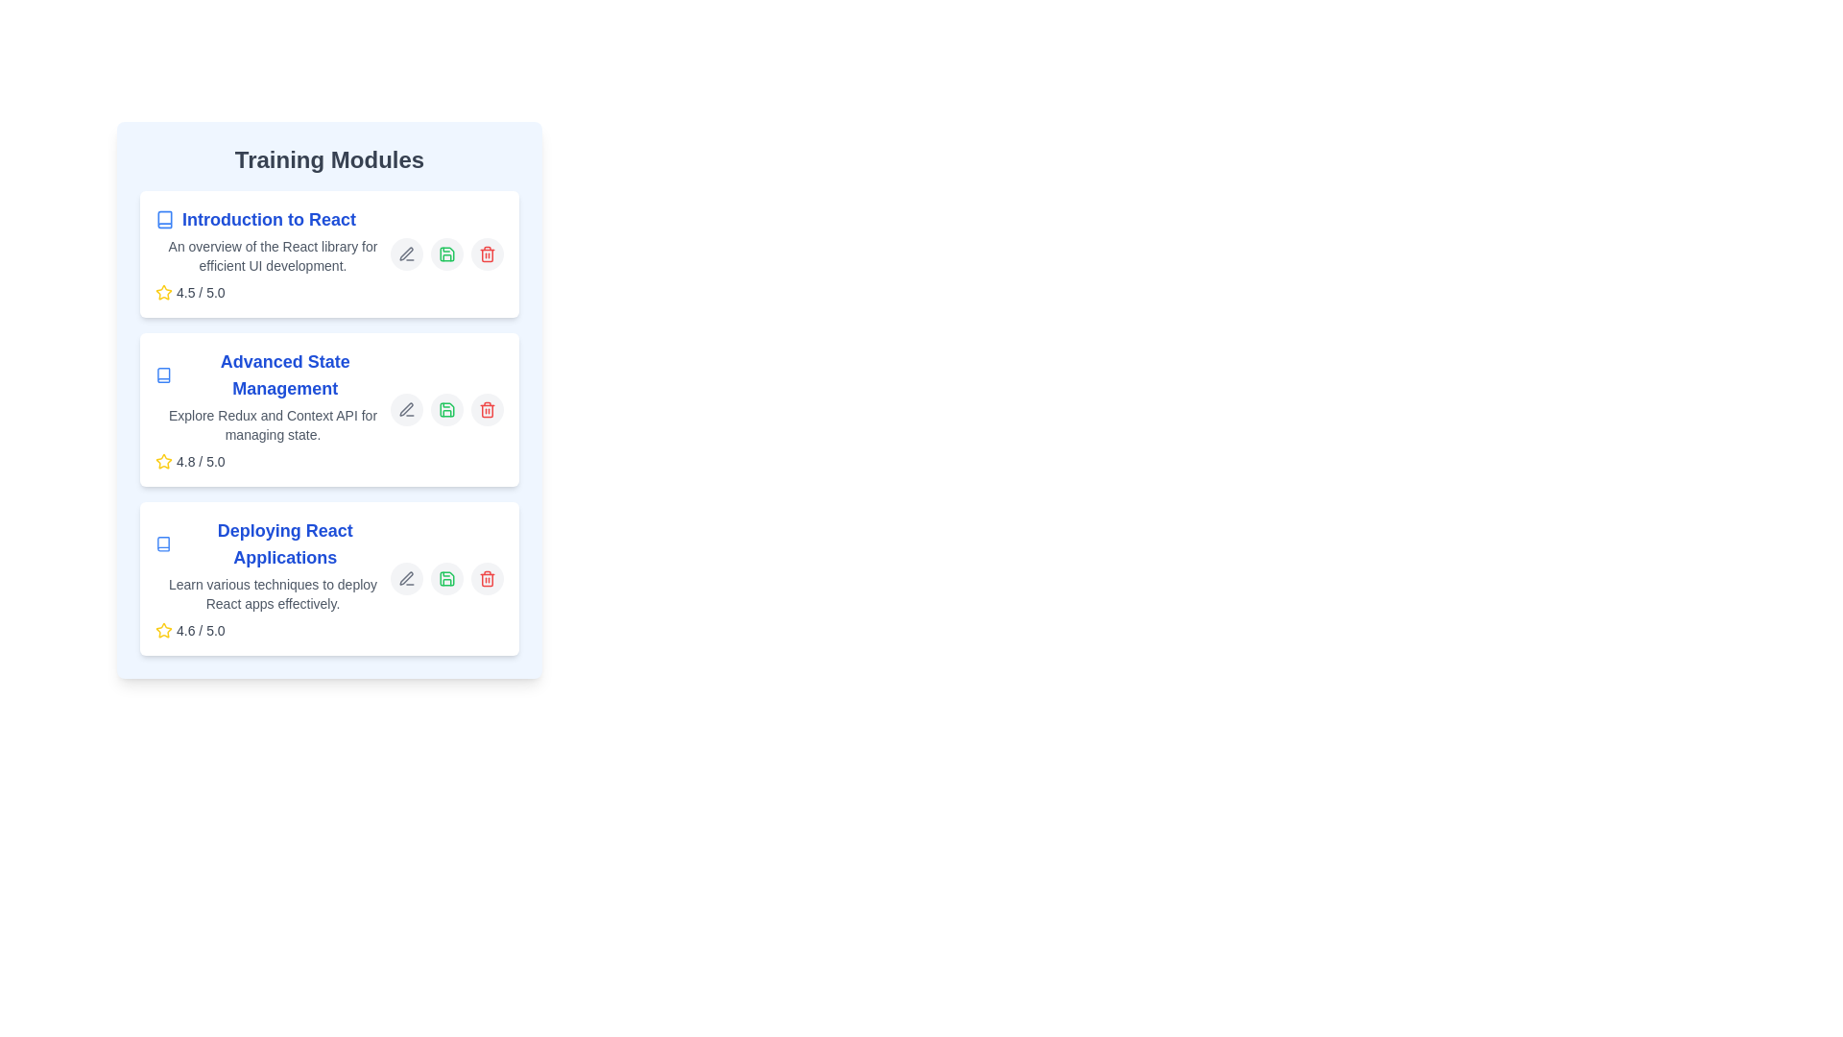  What do you see at coordinates (272, 544) in the screenshot?
I see `the title of the third card in the 'Training Modules' section, which indicates the subject of deploying React applications` at bounding box center [272, 544].